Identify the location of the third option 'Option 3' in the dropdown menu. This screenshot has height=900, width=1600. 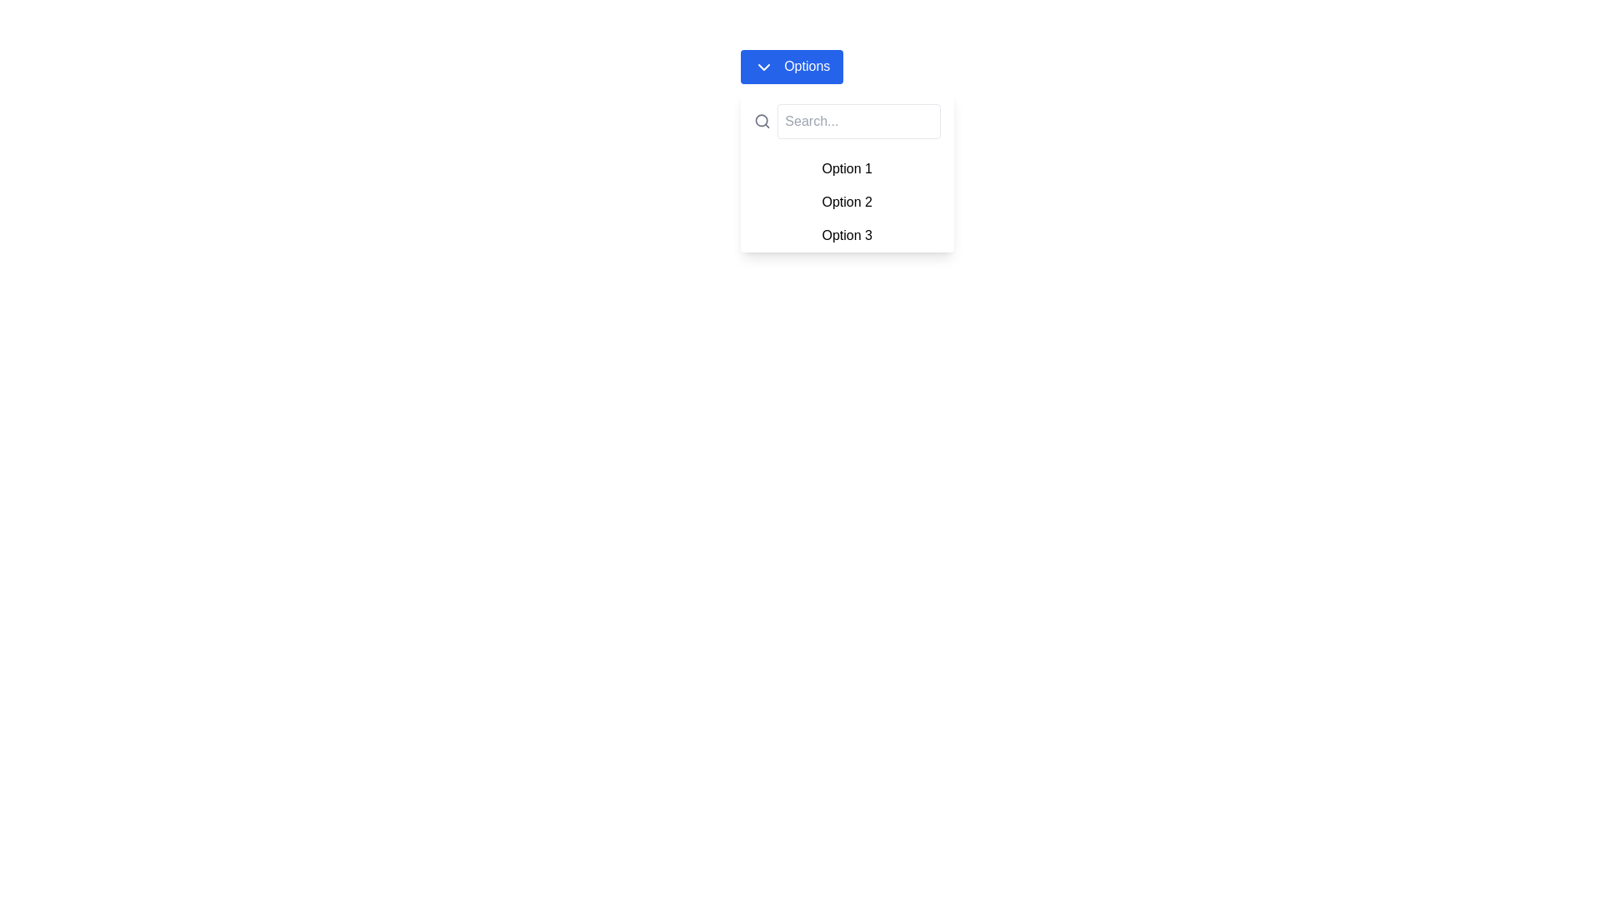
(847, 235).